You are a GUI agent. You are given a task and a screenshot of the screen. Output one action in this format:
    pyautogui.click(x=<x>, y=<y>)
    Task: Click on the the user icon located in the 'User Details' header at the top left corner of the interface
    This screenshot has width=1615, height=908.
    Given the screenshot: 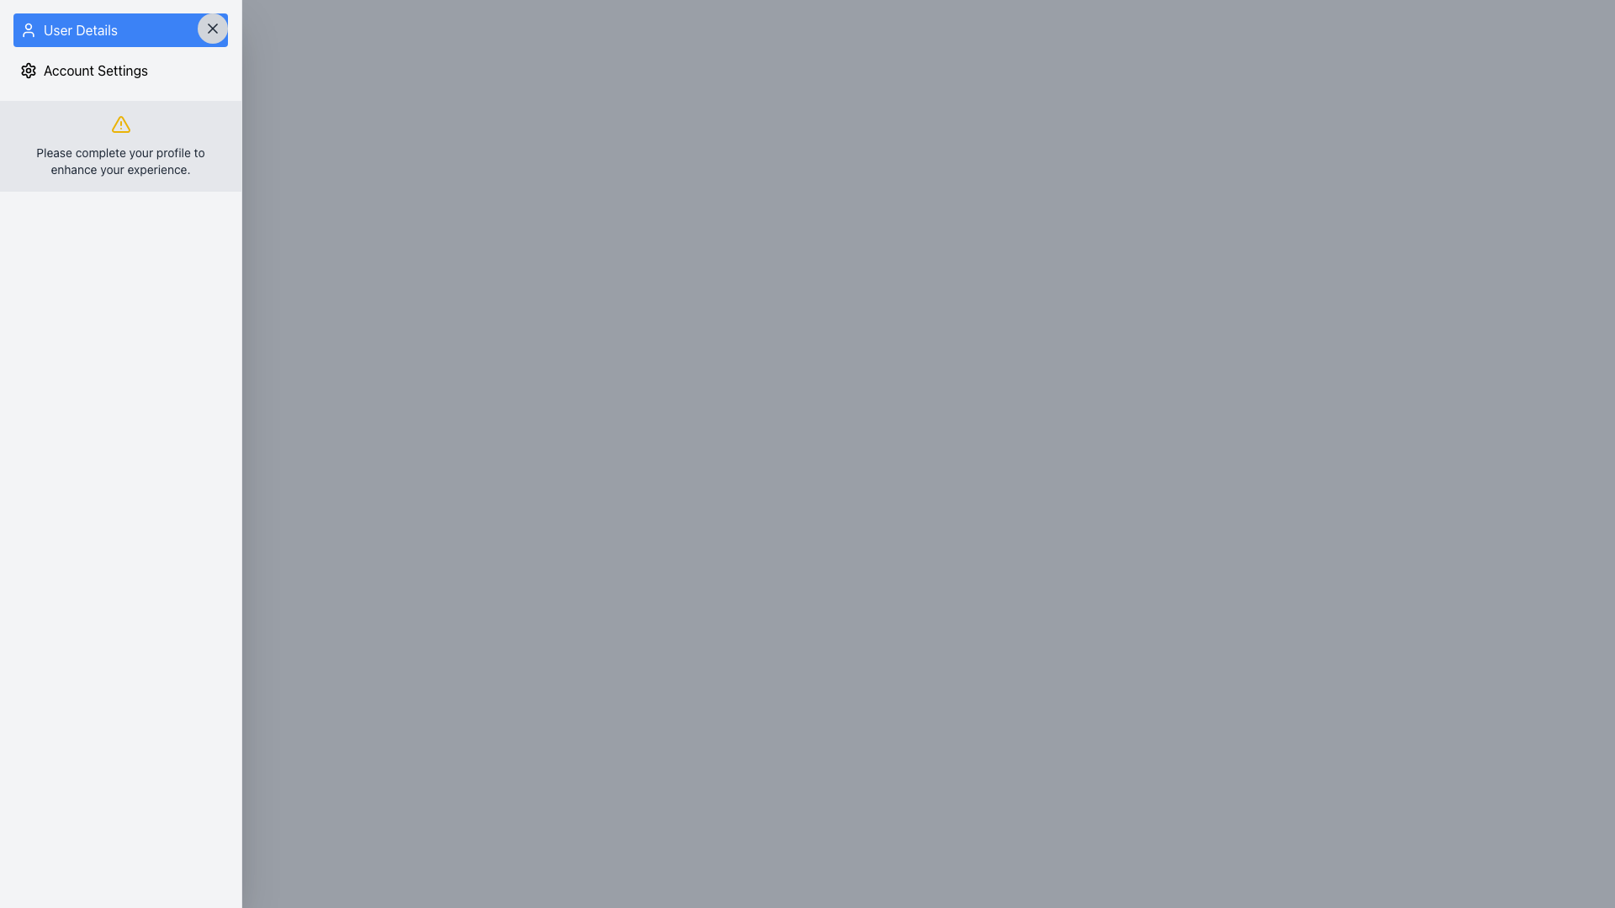 What is the action you would take?
    pyautogui.click(x=28, y=29)
    